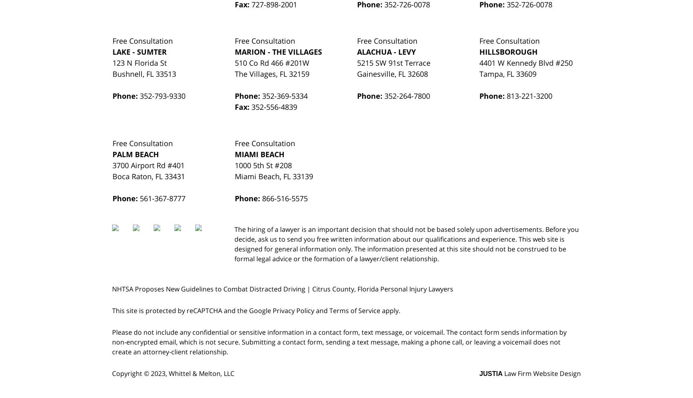  What do you see at coordinates (417, 73) in the screenshot?
I see `'32608'` at bounding box center [417, 73].